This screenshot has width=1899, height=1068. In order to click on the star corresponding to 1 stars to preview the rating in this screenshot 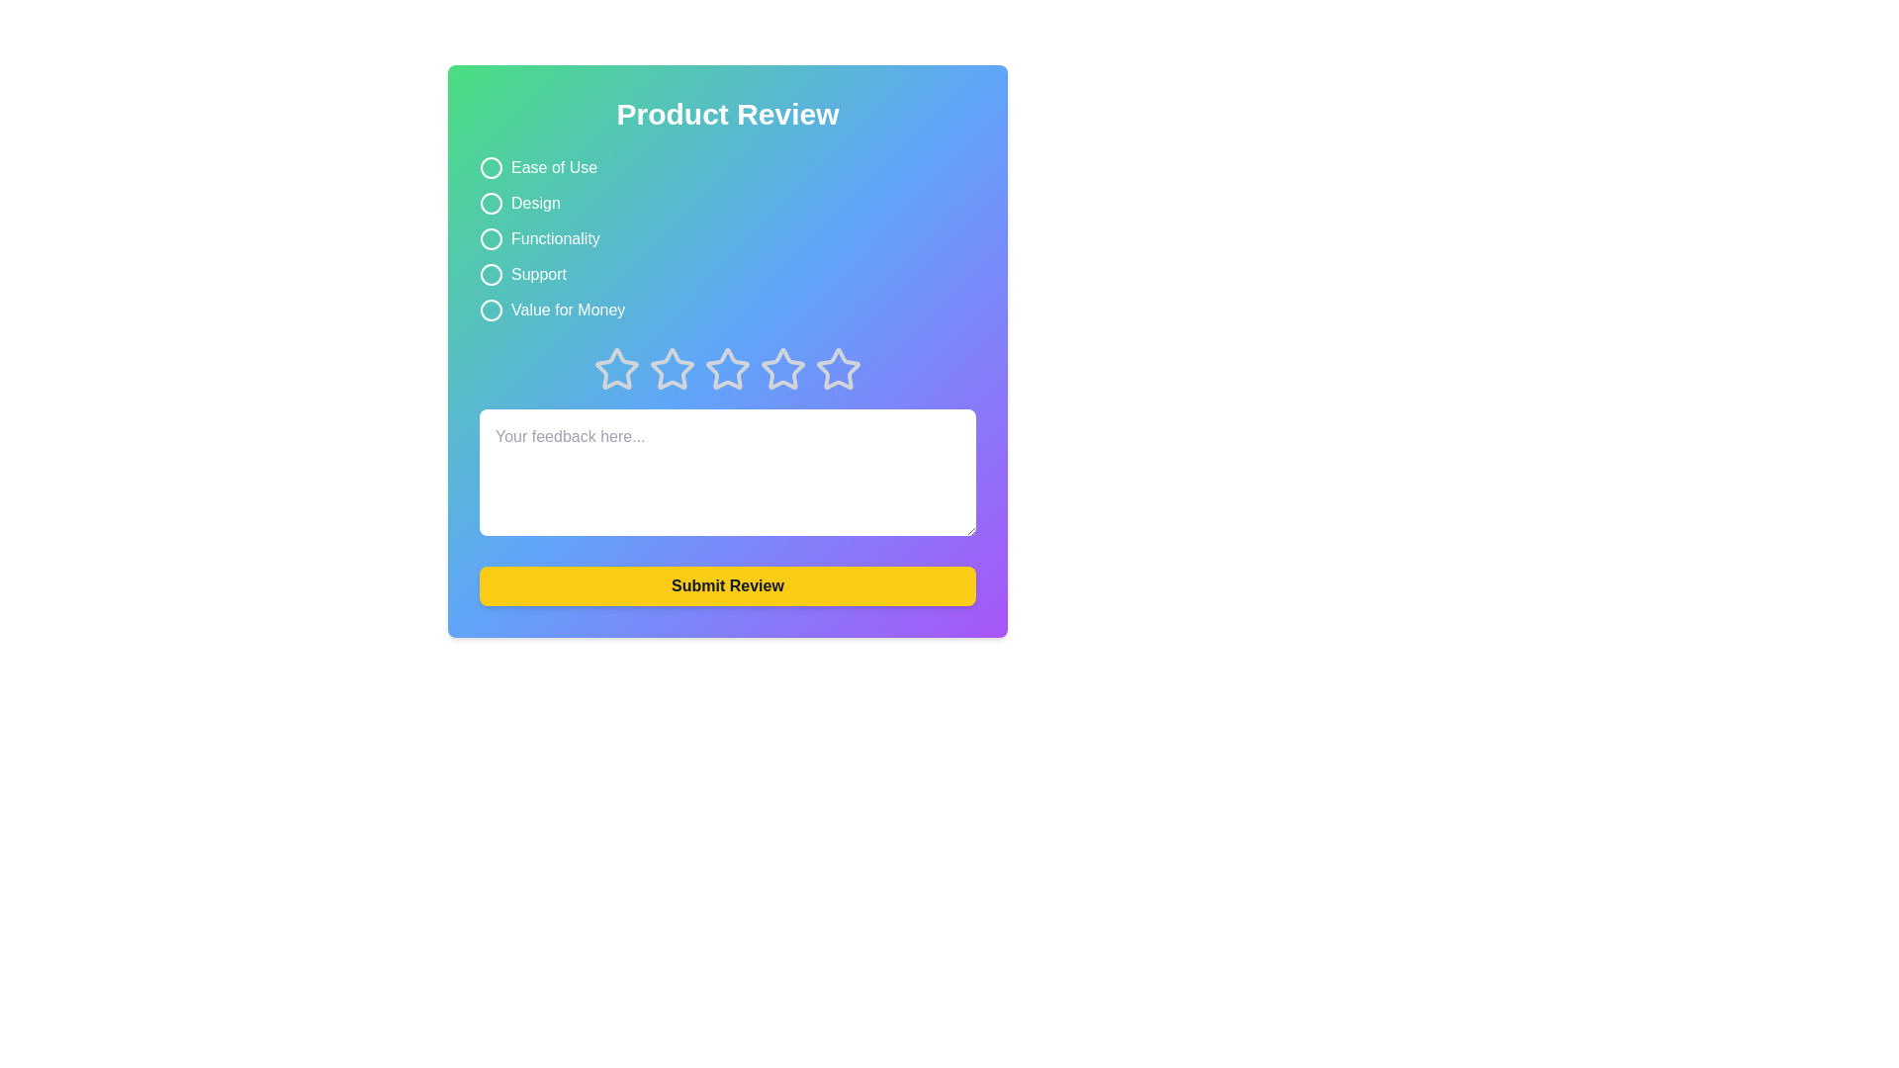, I will do `click(616, 370)`.